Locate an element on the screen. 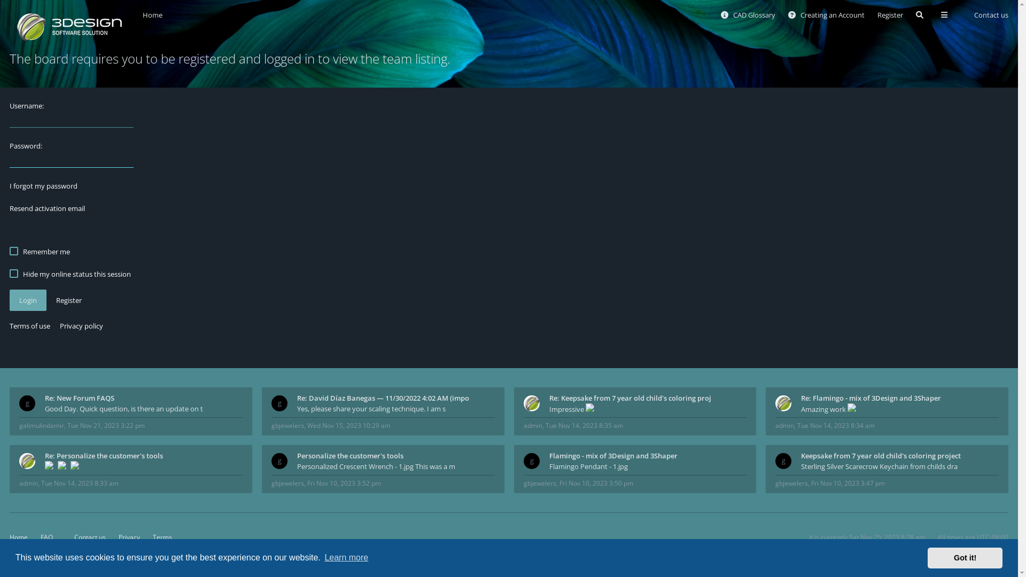 The width and height of the screenshot is (1026, 577). 'Privacy policy' is located at coordinates (59, 325).